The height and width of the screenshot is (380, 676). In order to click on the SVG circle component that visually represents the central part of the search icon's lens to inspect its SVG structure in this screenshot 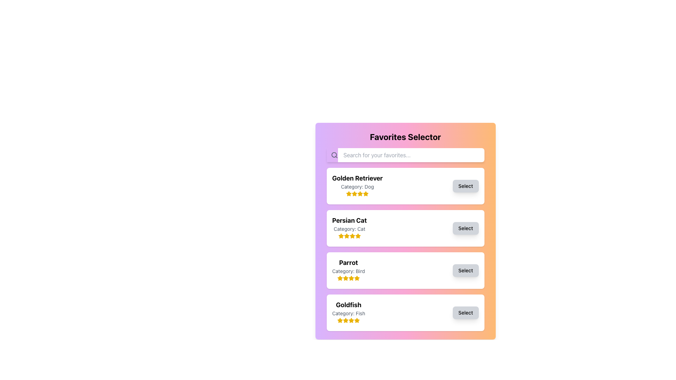, I will do `click(333, 154)`.